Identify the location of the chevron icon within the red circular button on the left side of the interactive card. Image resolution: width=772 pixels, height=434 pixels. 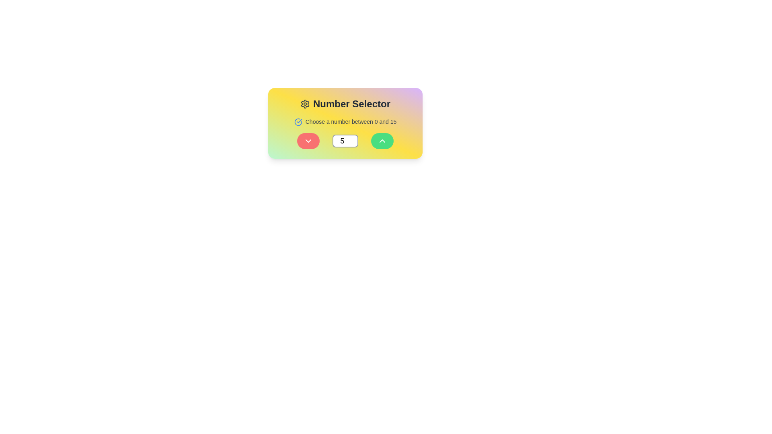
(308, 141).